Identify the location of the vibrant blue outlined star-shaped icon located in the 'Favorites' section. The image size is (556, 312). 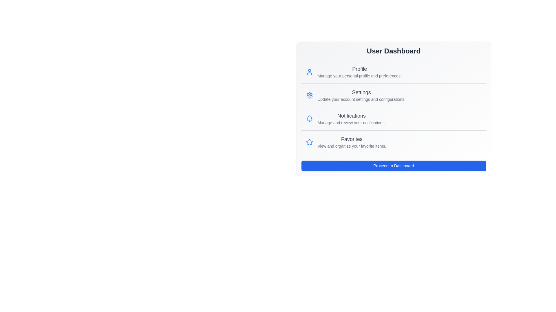
(309, 142).